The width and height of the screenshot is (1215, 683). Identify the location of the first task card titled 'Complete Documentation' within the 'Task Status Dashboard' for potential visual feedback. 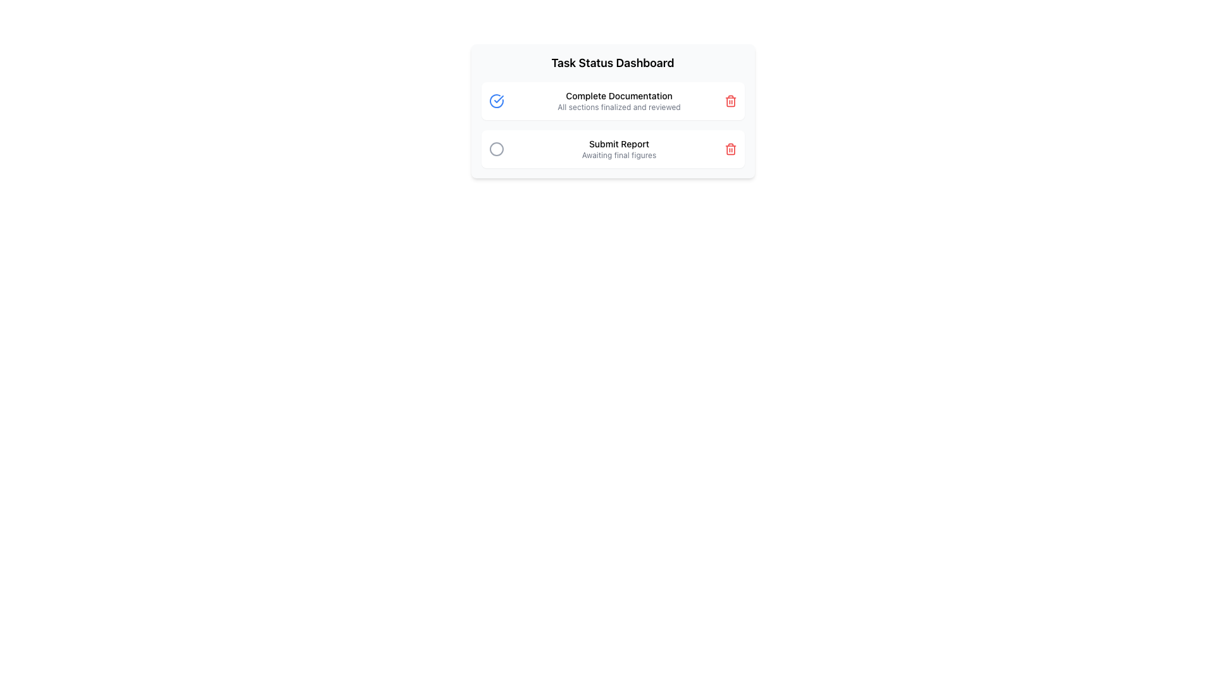
(613, 111).